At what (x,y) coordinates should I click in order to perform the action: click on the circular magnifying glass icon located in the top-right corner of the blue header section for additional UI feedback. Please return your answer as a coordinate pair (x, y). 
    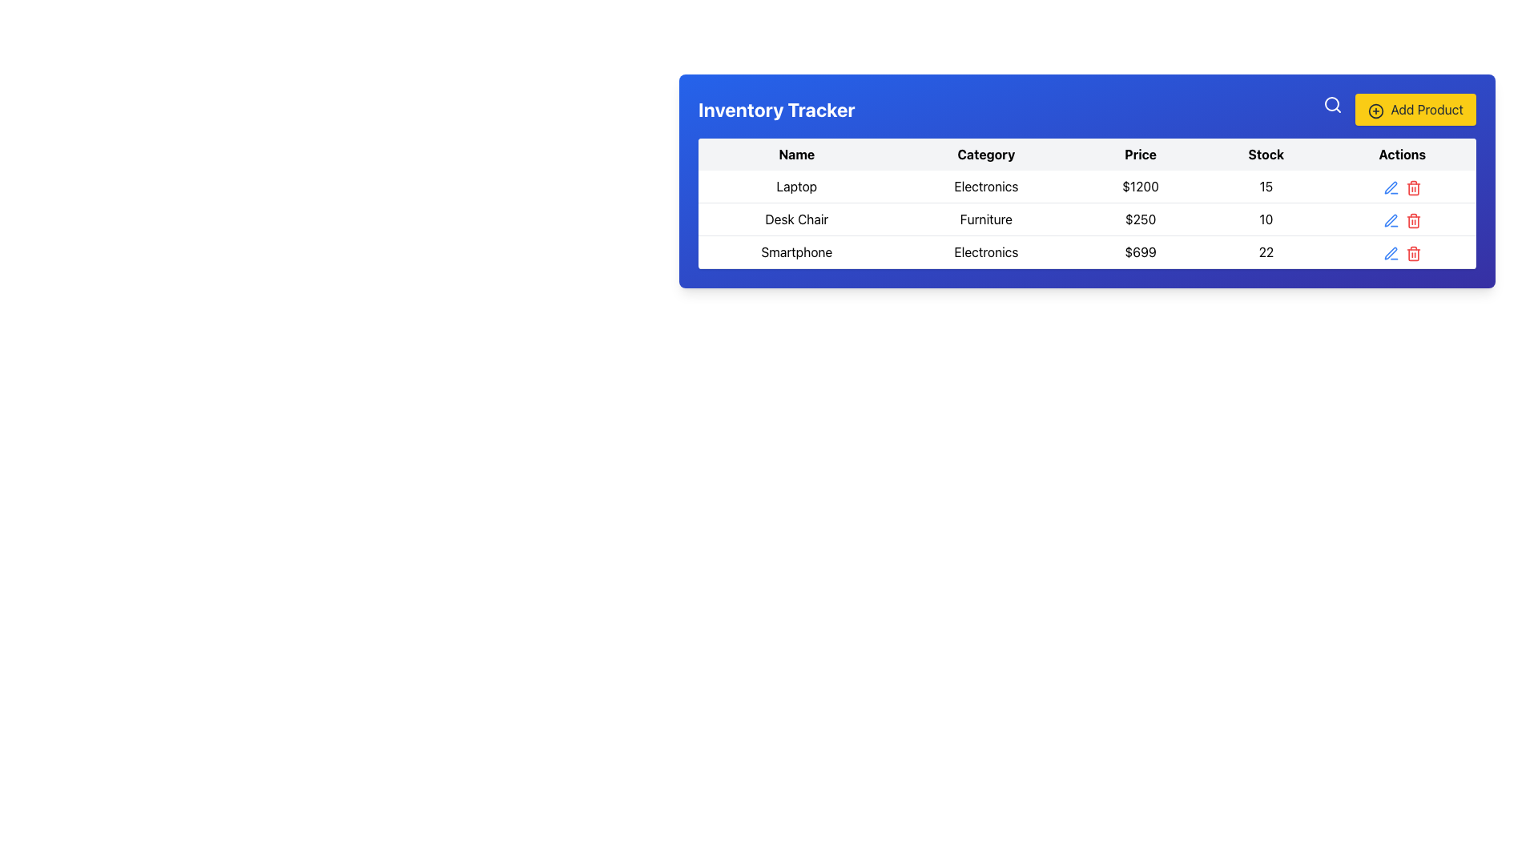
    Looking at the image, I should click on (1333, 105).